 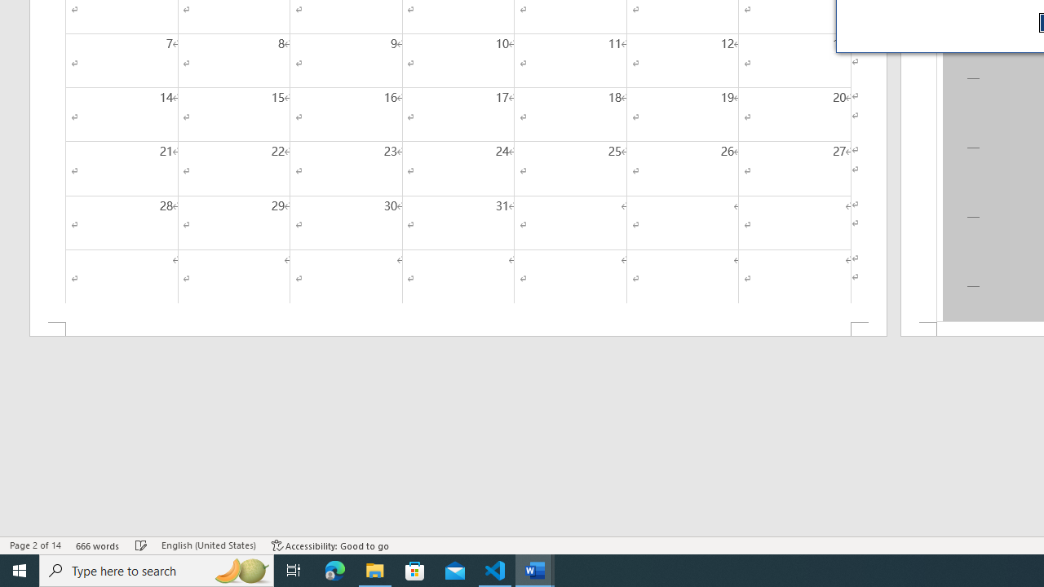 I want to click on 'Language English (United States)', so click(x=208, y=545).